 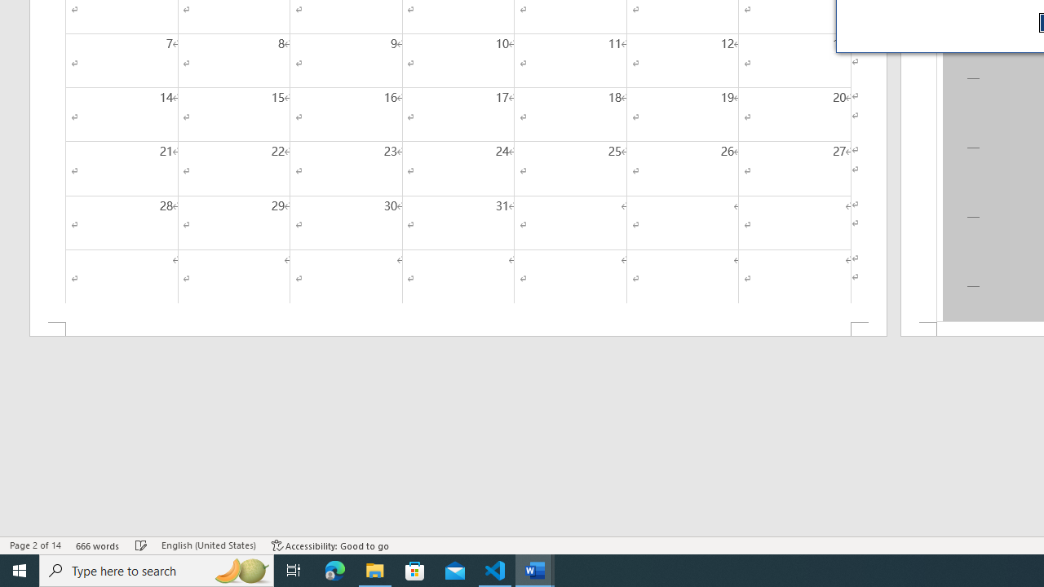 I want to click on 'Language English (United States)', so click(x=208, y=545).